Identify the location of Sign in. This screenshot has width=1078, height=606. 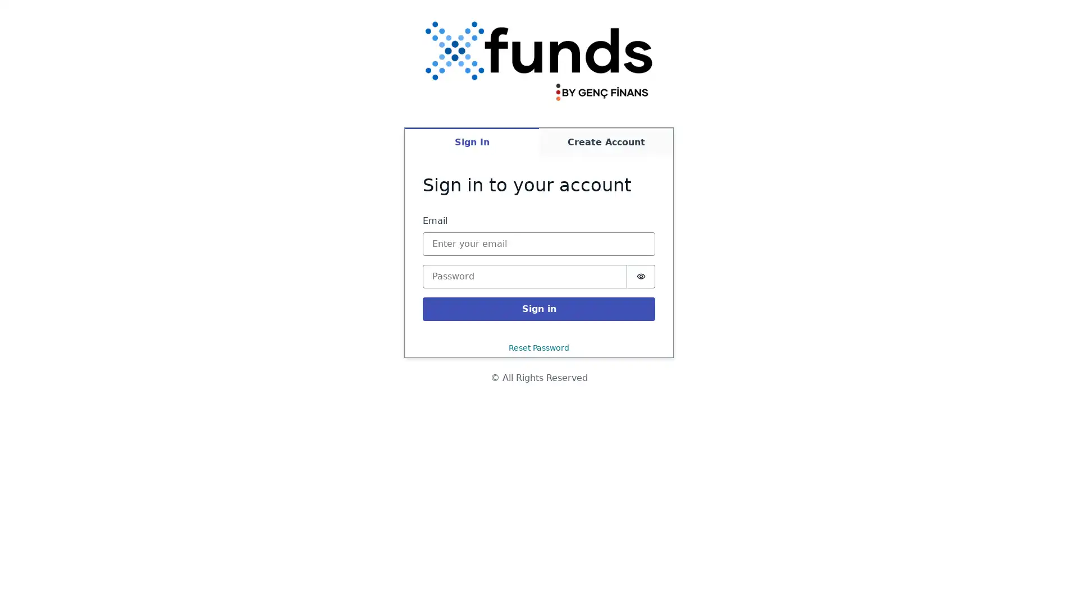
(539, 309).